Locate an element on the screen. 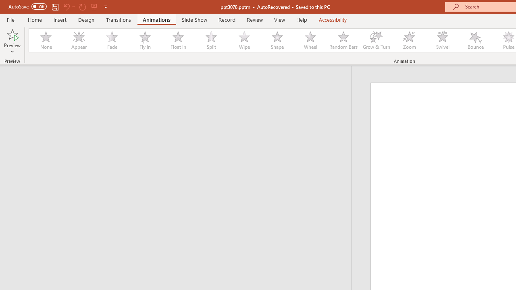 The height and width of the screenshot is (290, 516). 'Transitions' is located at coordinates (119, 19).